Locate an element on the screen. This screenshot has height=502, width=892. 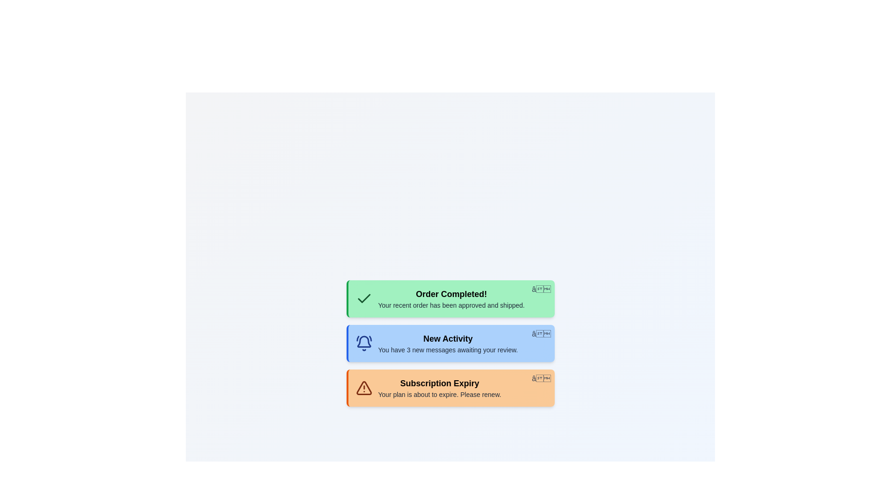
the close button of the alert with ID 103 is located at coordinates (541, 378).